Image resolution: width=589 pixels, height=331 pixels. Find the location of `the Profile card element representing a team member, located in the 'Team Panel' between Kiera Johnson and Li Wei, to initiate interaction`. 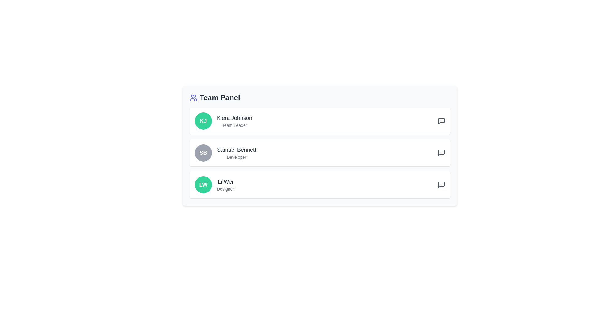

the Profile card element representing a team member, located in the 'Team Panel' between Kiera Johnson and Li Wei, to initiate interaction is located at coordinates (319, 152).